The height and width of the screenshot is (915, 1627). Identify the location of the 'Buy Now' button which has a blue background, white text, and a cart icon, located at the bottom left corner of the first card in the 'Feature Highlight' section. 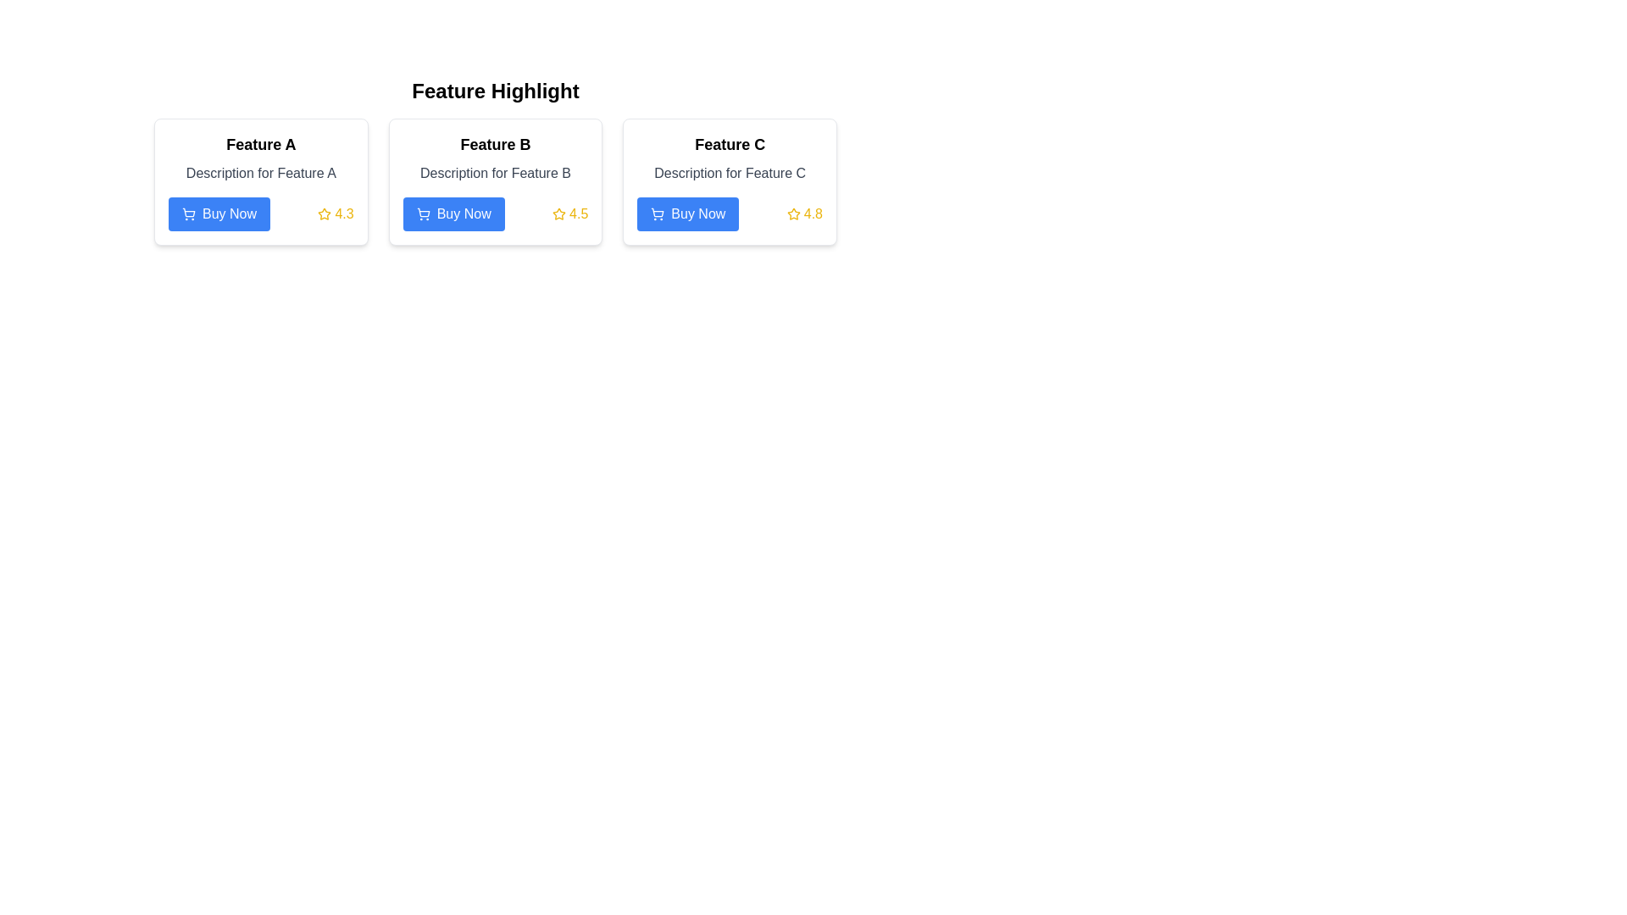
(219, 213).